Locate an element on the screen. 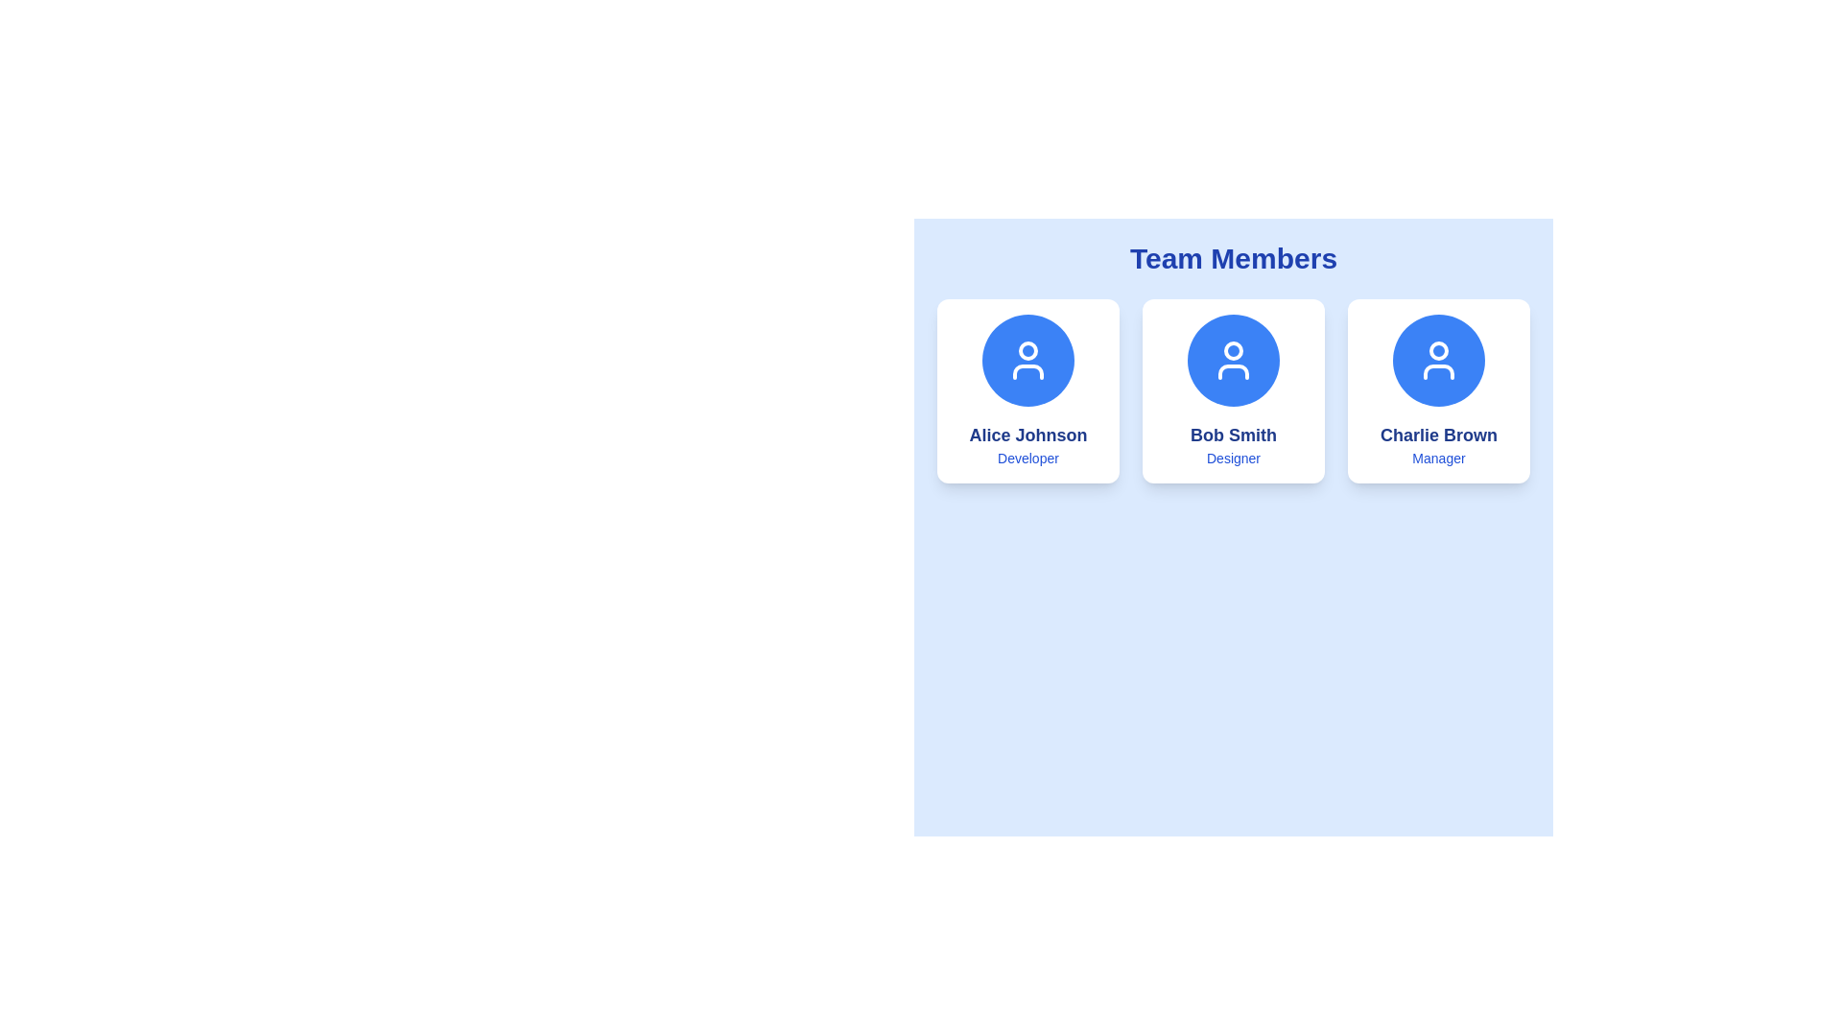 The height and width of the screenshot is (1036, 1842). the profile card of 'Bob Smith, Designer' is located at coordinates (1234, 390).